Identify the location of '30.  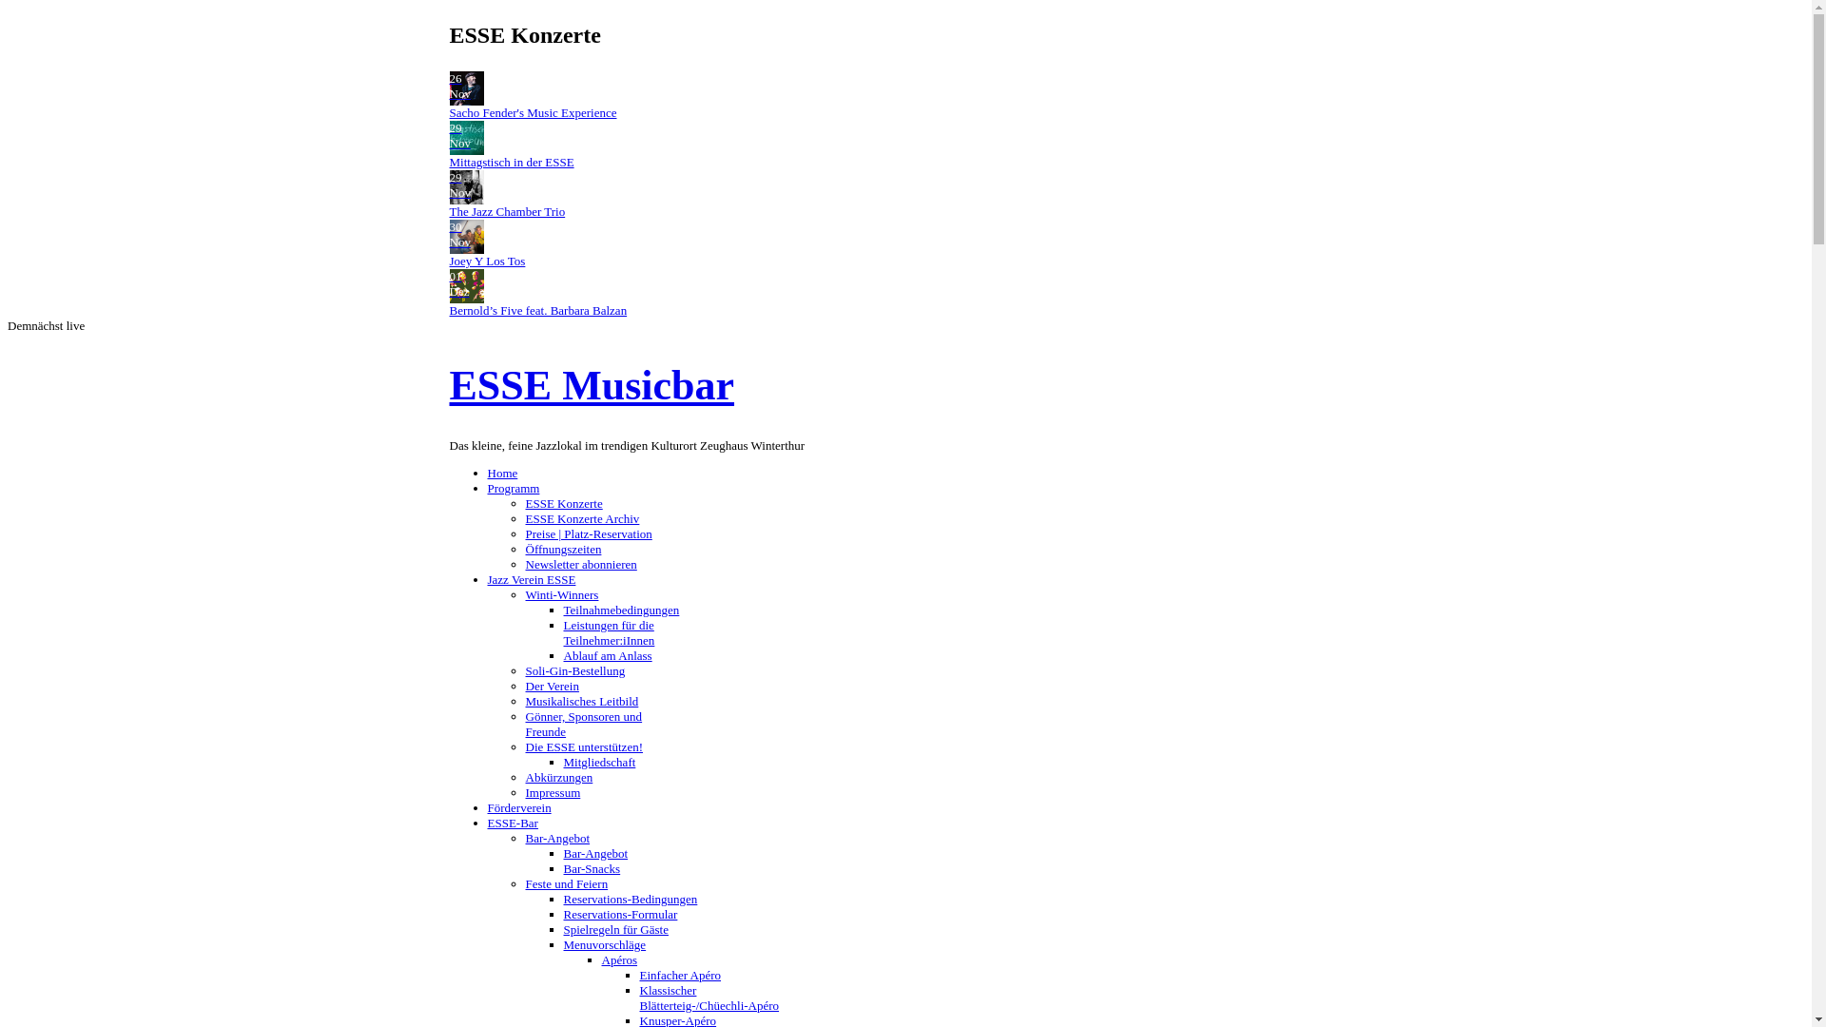
(903, 243).